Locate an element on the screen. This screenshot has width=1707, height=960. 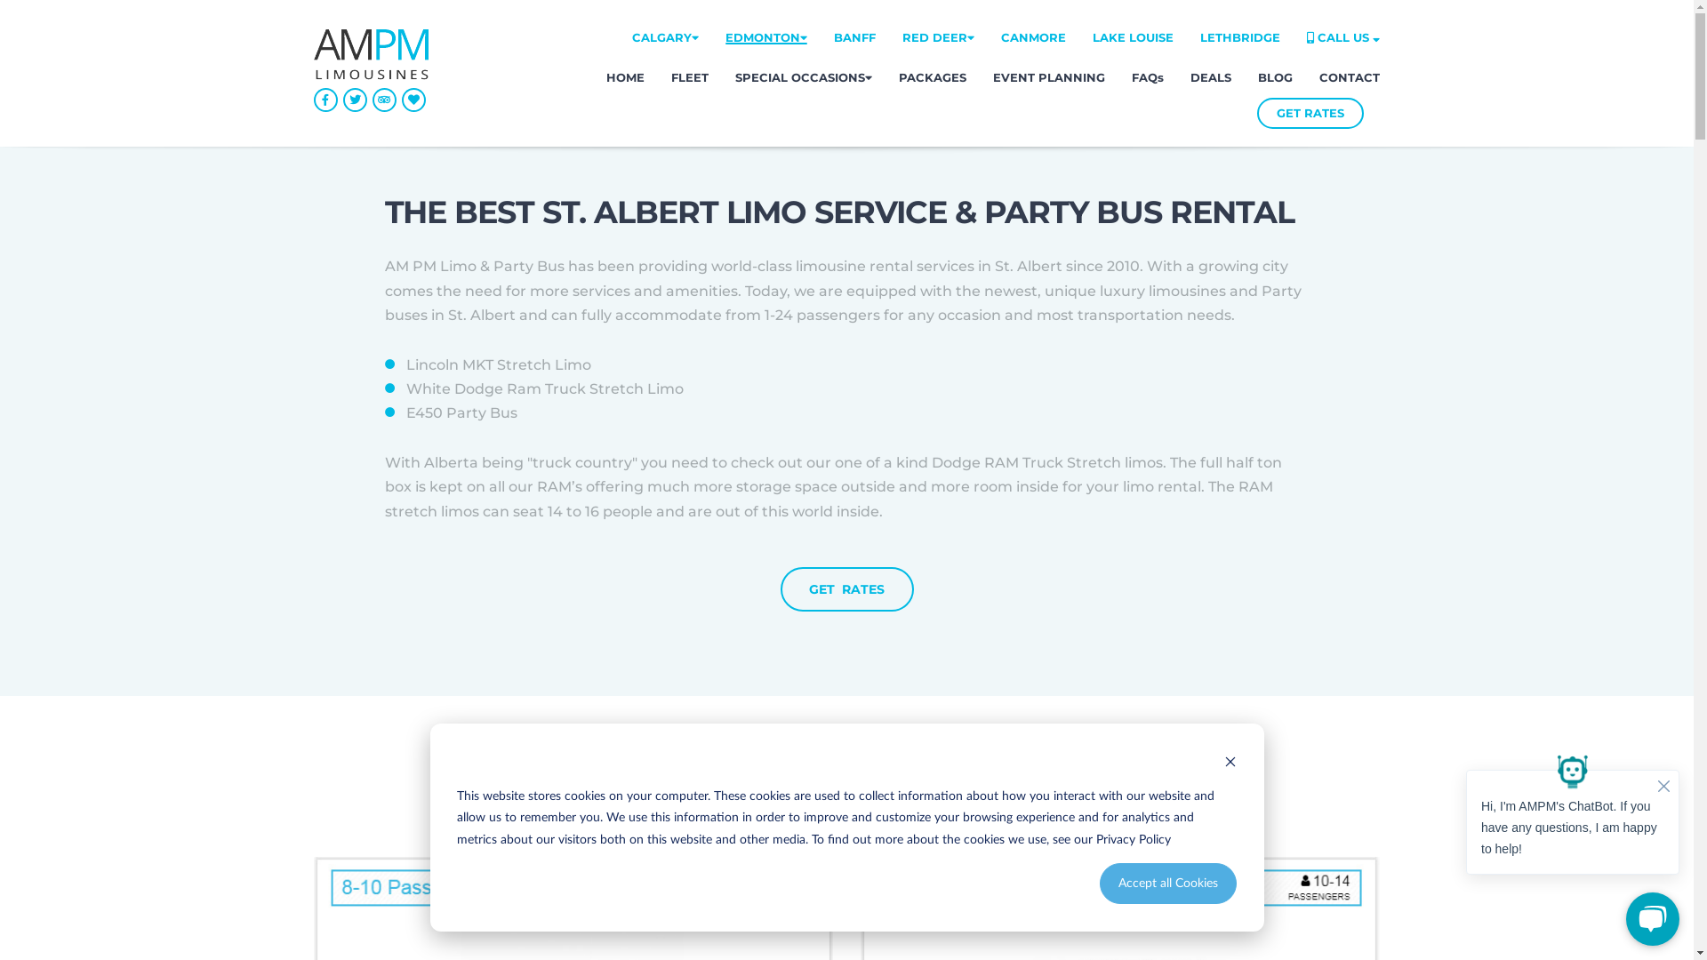
'SPECIAL OCCASIONS' is located at coordinates (802, 76).